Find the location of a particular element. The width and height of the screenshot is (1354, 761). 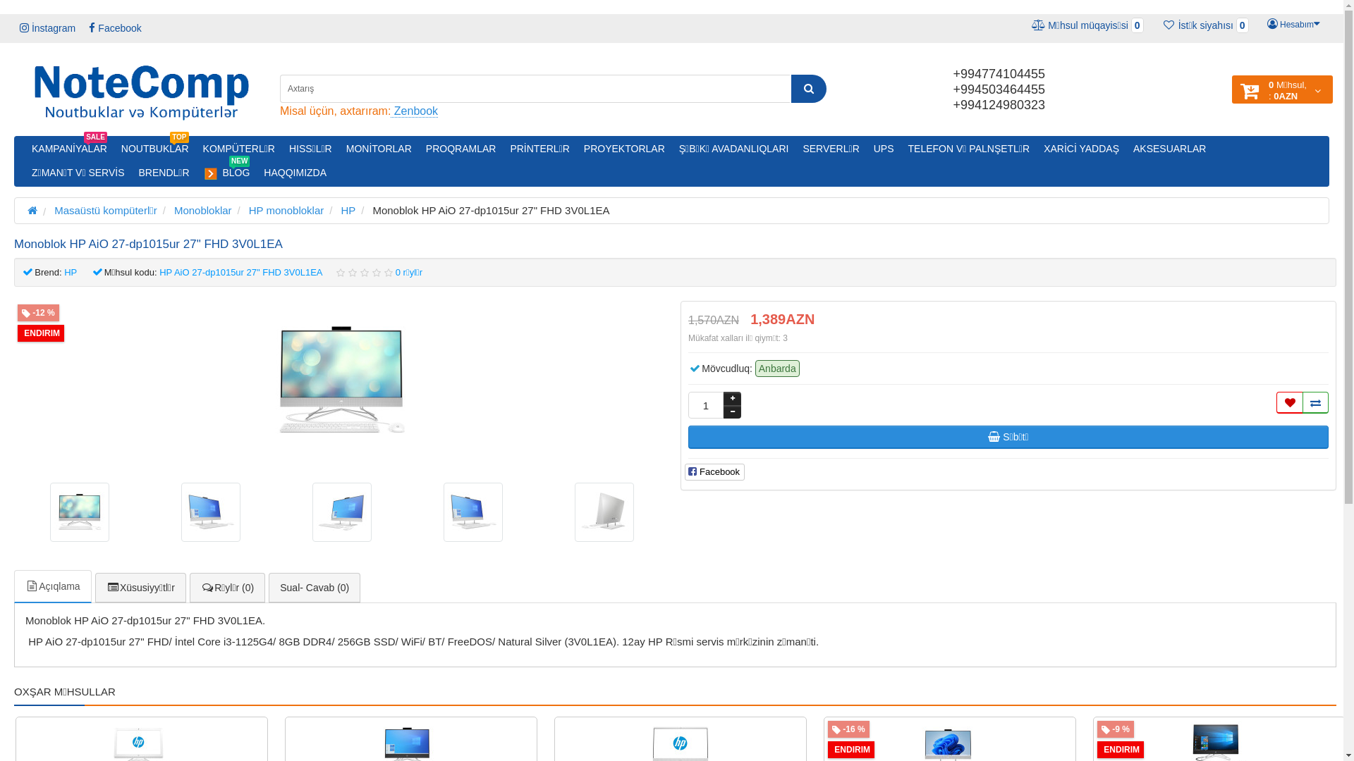

'Monobloklar' is located at coordinates (202, 210).